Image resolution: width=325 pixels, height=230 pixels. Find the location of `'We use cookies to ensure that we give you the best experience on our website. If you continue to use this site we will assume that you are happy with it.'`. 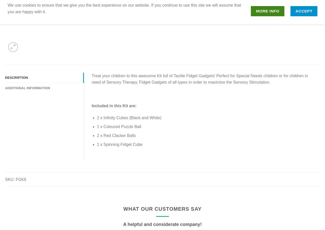

'We use cookies to ensure that we give you the best experience on our website. If you continue to use this site we will assume that you are happy with it.' is located at coordinates (124, 8).